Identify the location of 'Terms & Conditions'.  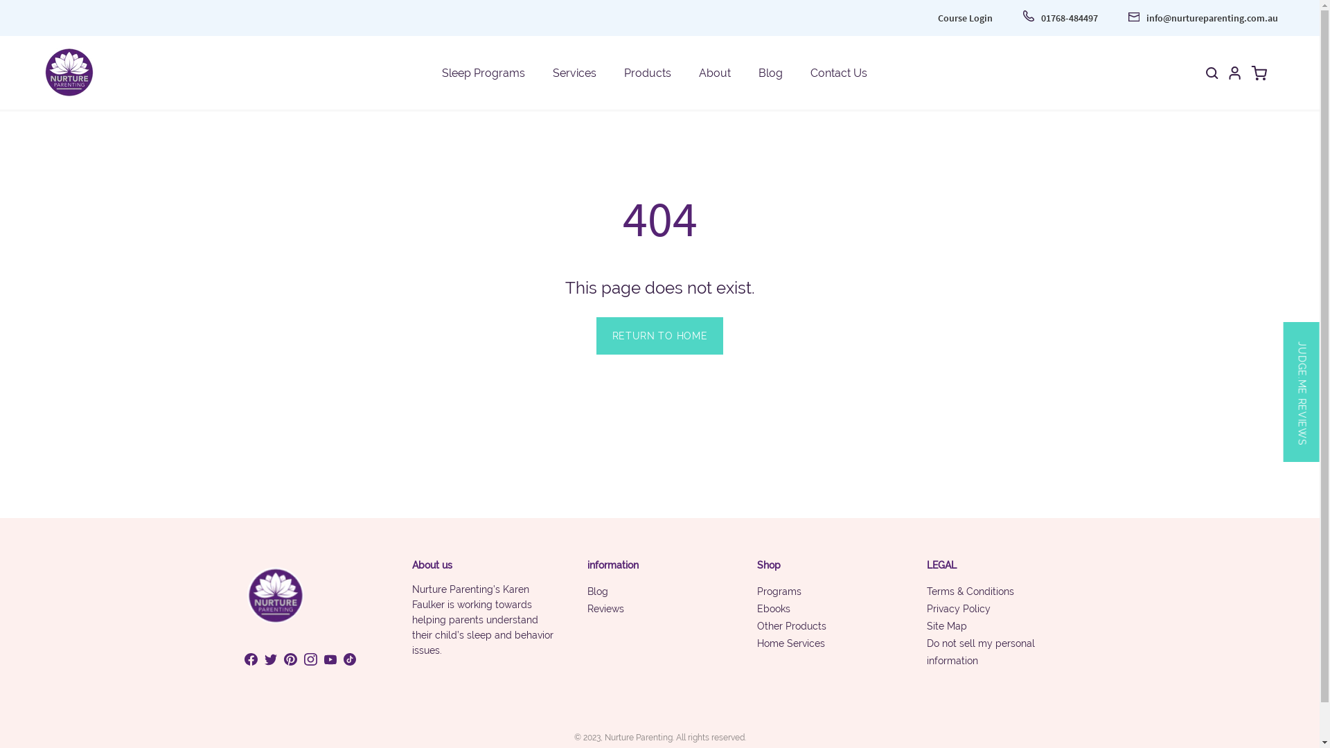
(927, 591).